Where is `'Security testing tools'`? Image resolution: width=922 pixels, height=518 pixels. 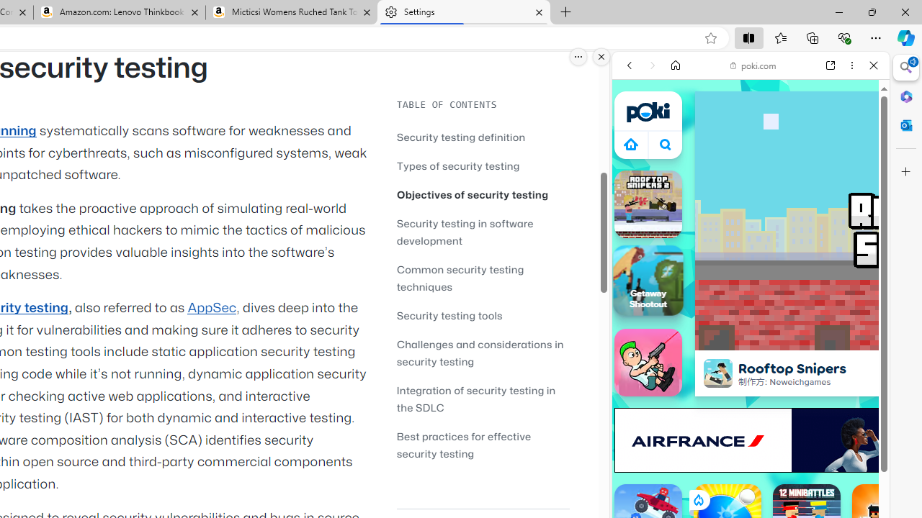 'Security testing tools' is located at coordinates (449, 314).